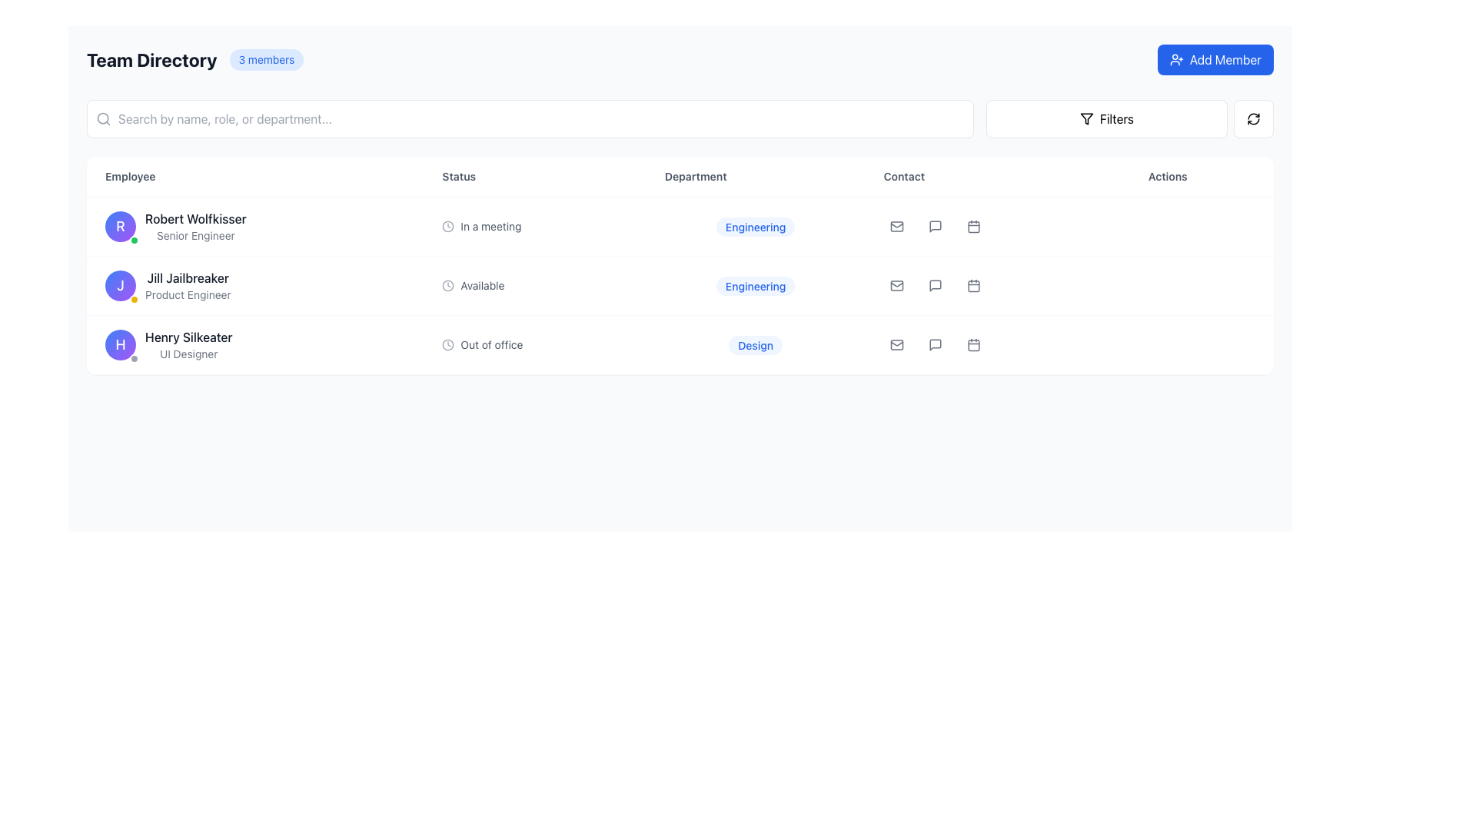 This screenshot has height=830, width=1476. What do you see at coordinates (972, 344) in the screenshot?
I see `the calendar icon located in the 'Actions' column of the last row of the table associated with the employee Henry Silkeater to invoke its calendar-related function` at bounding box center [972, 344].